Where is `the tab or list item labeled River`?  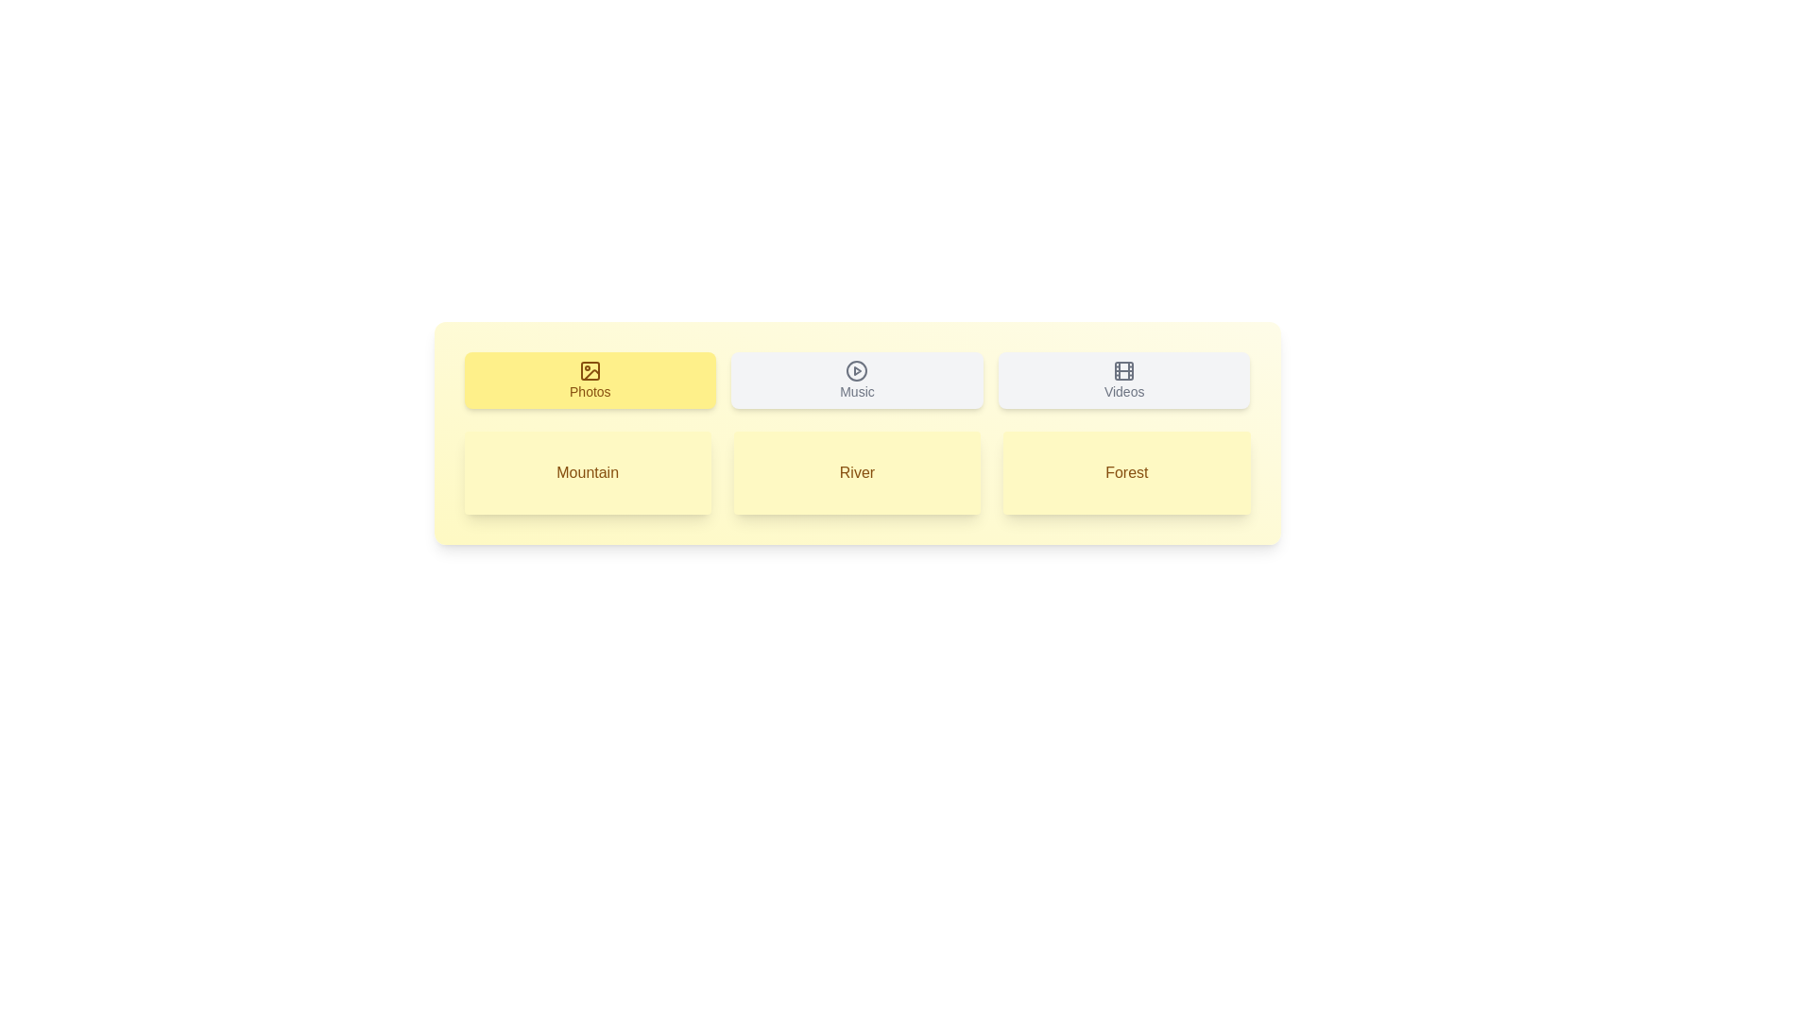 the tab or list item labeled River is located at coordinates (856, 472).